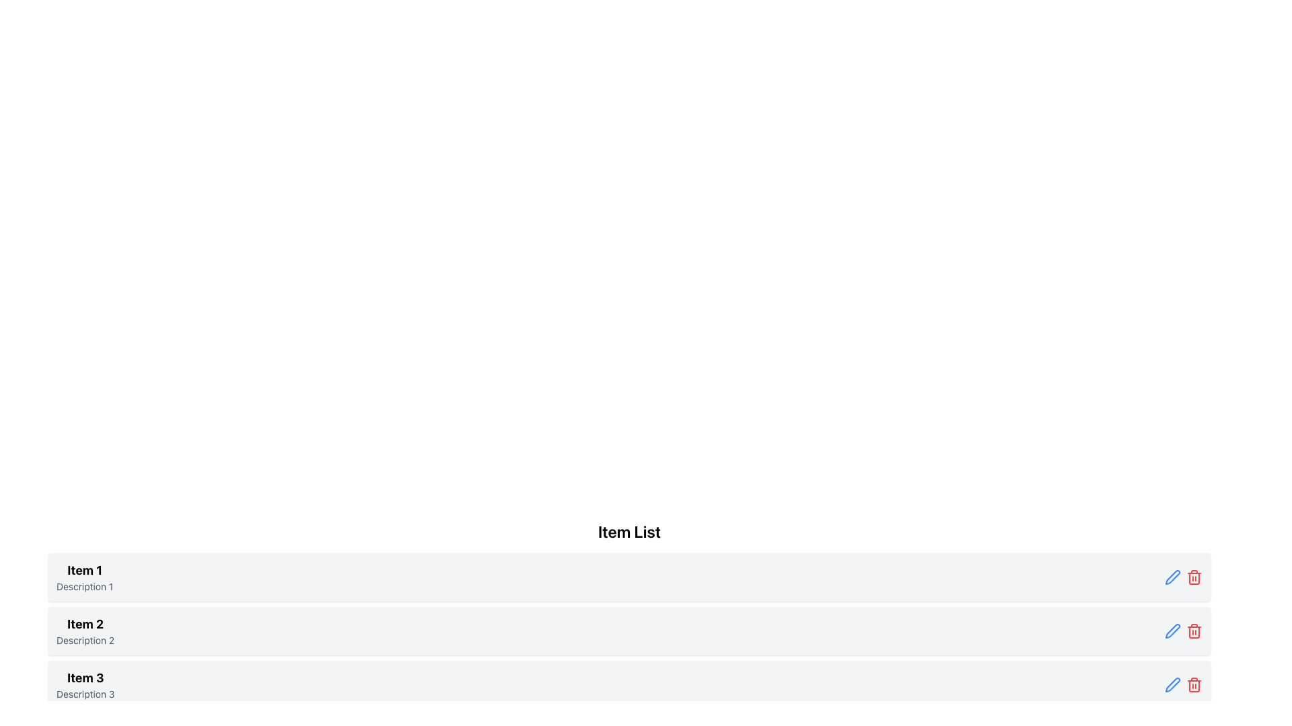 Image resolution: width=1292 pixels, height=726 pixels. Describe the element at coordinates (84, 577) in the screenshot. I see `the text block containing 'Item 1' and 'Description 1', which is the first entry in a vertical list, styled with a bold title and a smaller grayish description` at that location.